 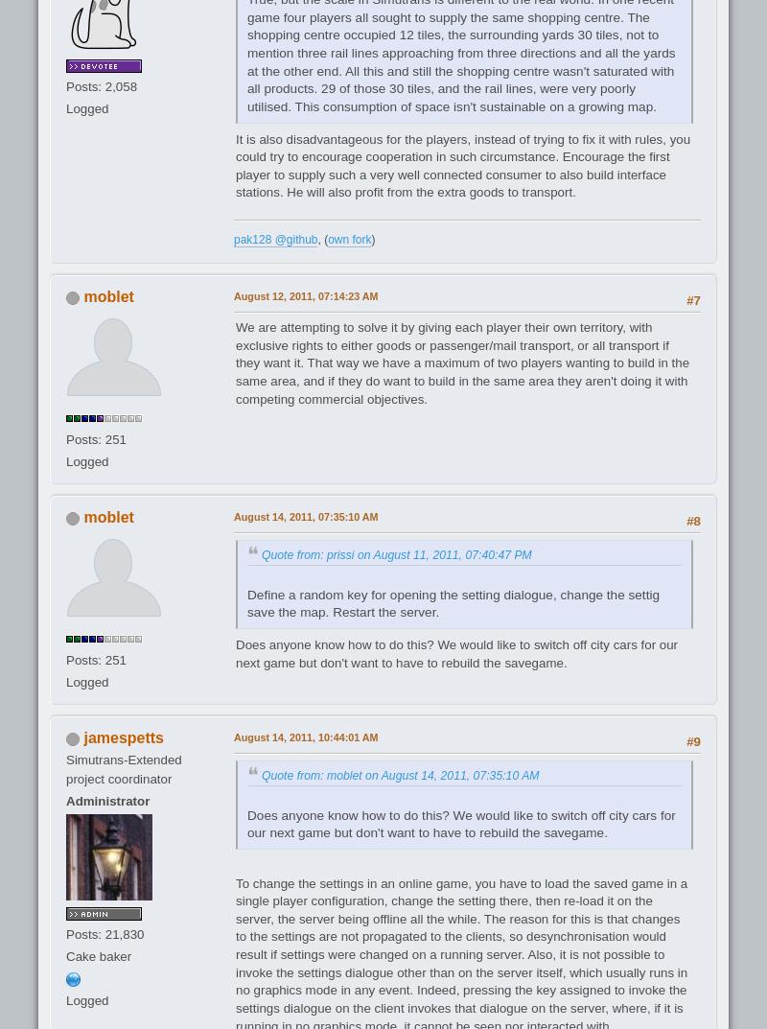 I want to click on 'Administrator', so click(x=106, y=800).